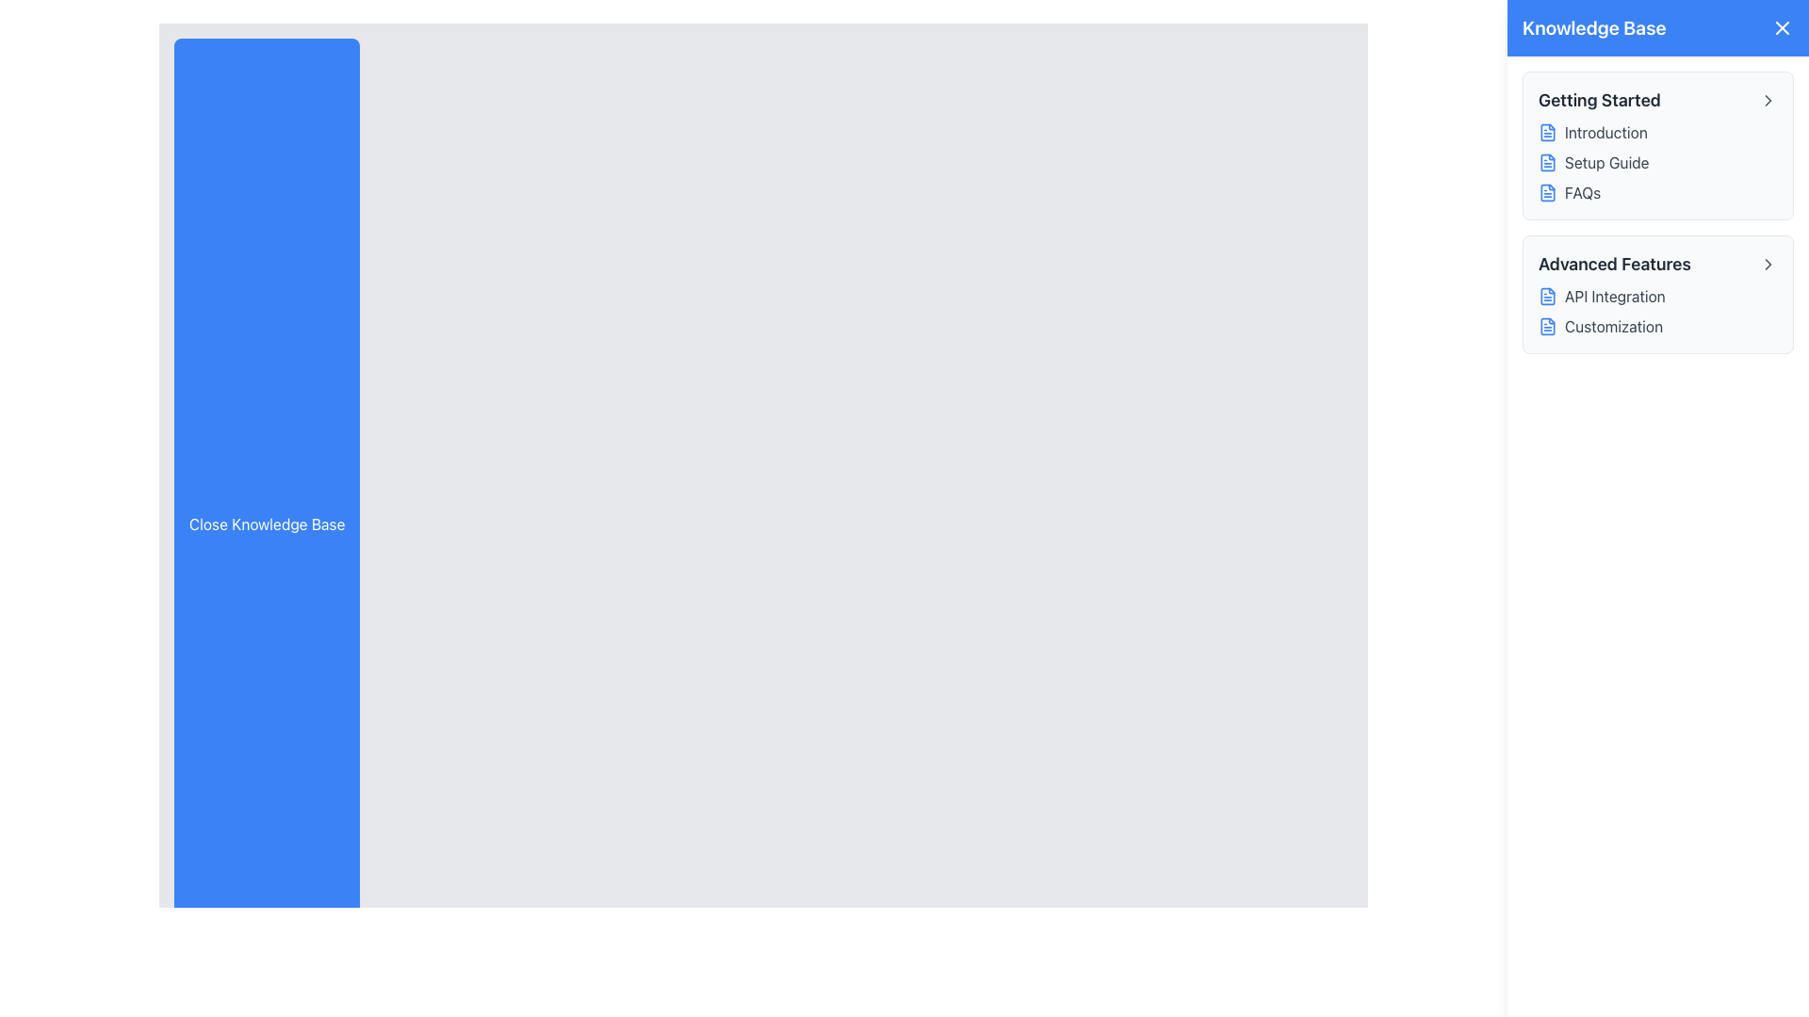 This screenshot has height=1017, width=1809. What do you see at coordinates (1767, 101) in the screenshot?
I see `the icon button located to the right of the 'Getting Started' text in the 'Knowledge Base' panel` at bounding box center [1767, 101].